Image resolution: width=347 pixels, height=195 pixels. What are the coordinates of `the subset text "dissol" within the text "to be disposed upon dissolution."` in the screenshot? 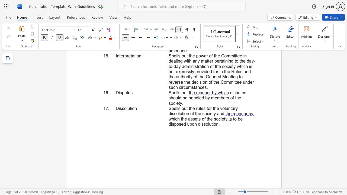 It's located at (198, 124).